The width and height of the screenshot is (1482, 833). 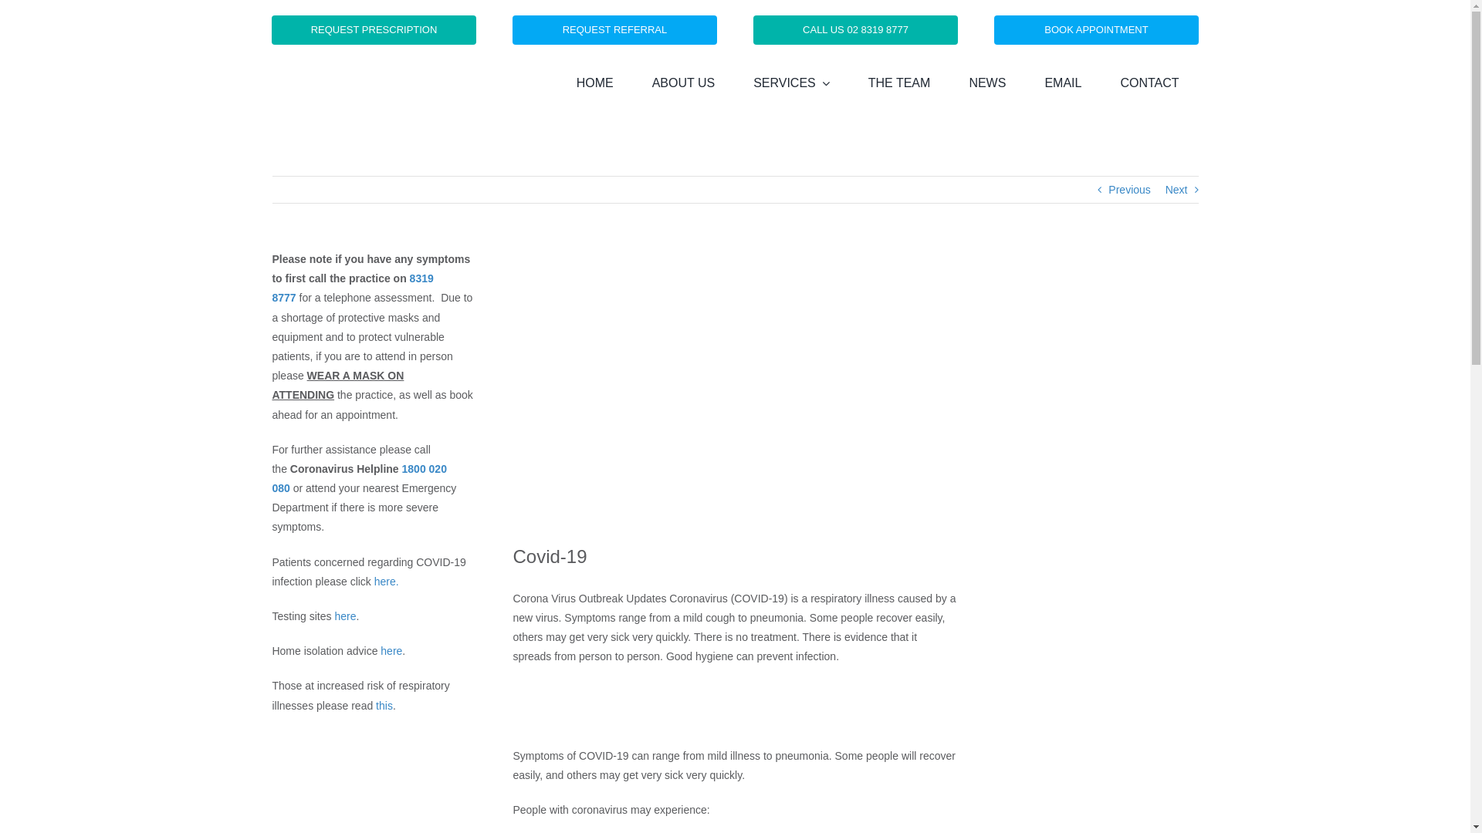 What do you see at coordinates (375, 705) in the screenshot?
I see `'this'` at bounding box center [375, 705].